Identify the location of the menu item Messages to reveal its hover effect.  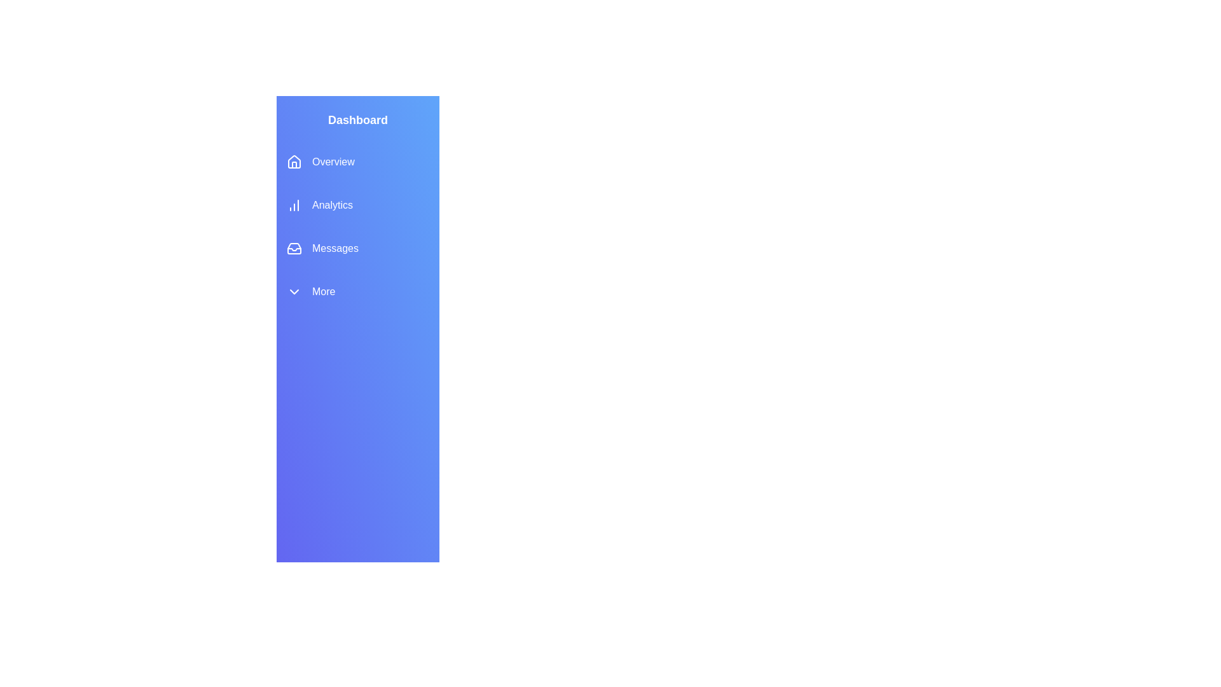
(357, 248).